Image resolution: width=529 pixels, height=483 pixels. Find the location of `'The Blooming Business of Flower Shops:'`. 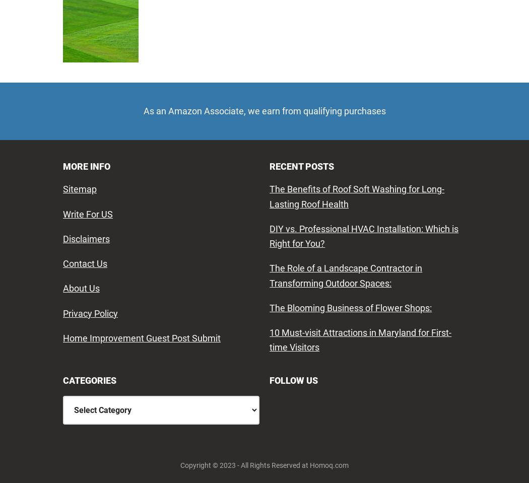

'The Blooming Business of Flower Shops:' is located at coordinates (351, 307).